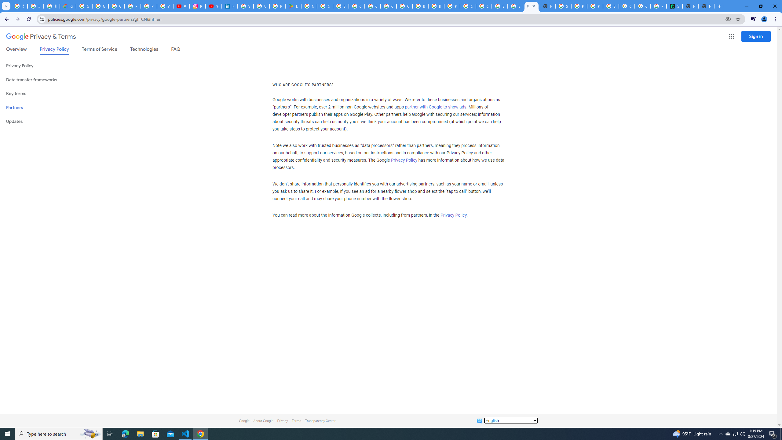  I want to click on 'Google Cloud Platform', so click(468, 6).